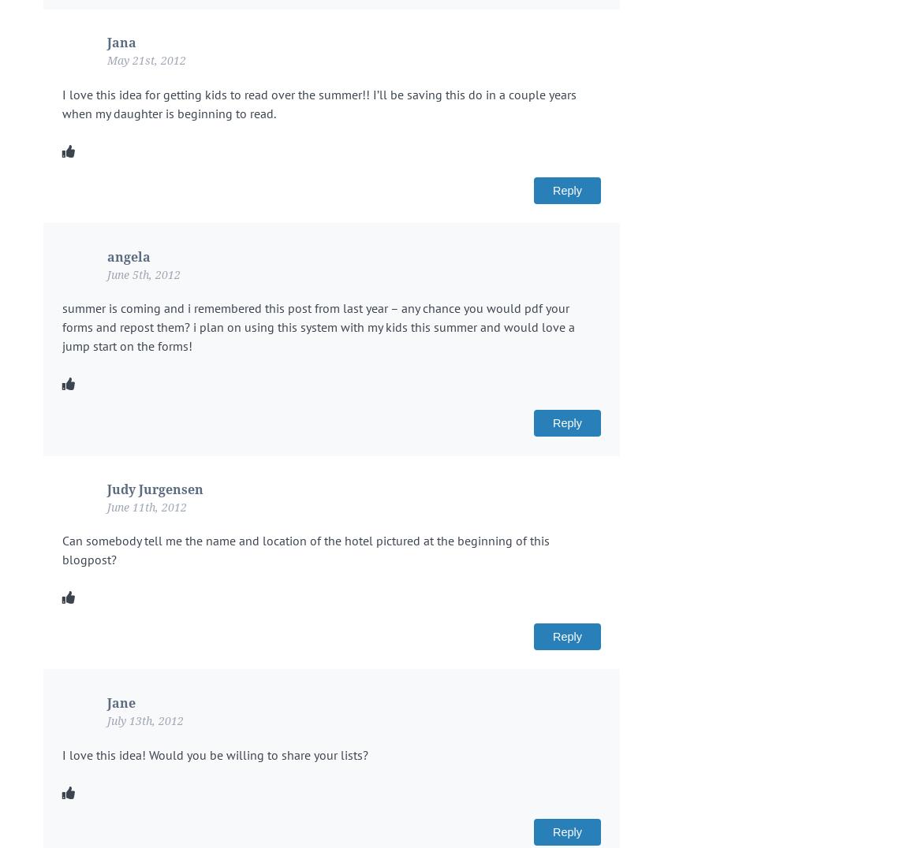  Describe the element at coordinates (318, 327) in the screenshot. I see `'summer is coming and i remembered this post from last year – any chance you would pdf your forms and repost them?  i plan on using this system with my kids this summer and would love a jump start on the forms!'` at that location.